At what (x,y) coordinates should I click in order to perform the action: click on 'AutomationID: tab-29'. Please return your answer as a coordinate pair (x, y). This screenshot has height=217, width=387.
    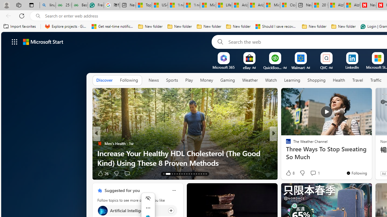
    Looking at the image, I should click on (206, 174).